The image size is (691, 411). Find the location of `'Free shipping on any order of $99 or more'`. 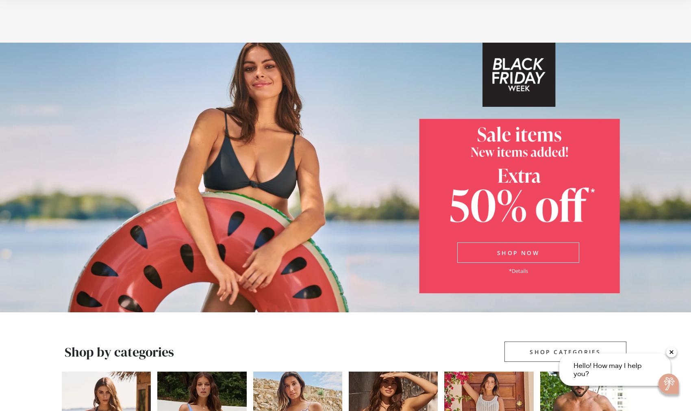

'Free shipping on any order of $99 or more' is located at coordinates (342, 7).